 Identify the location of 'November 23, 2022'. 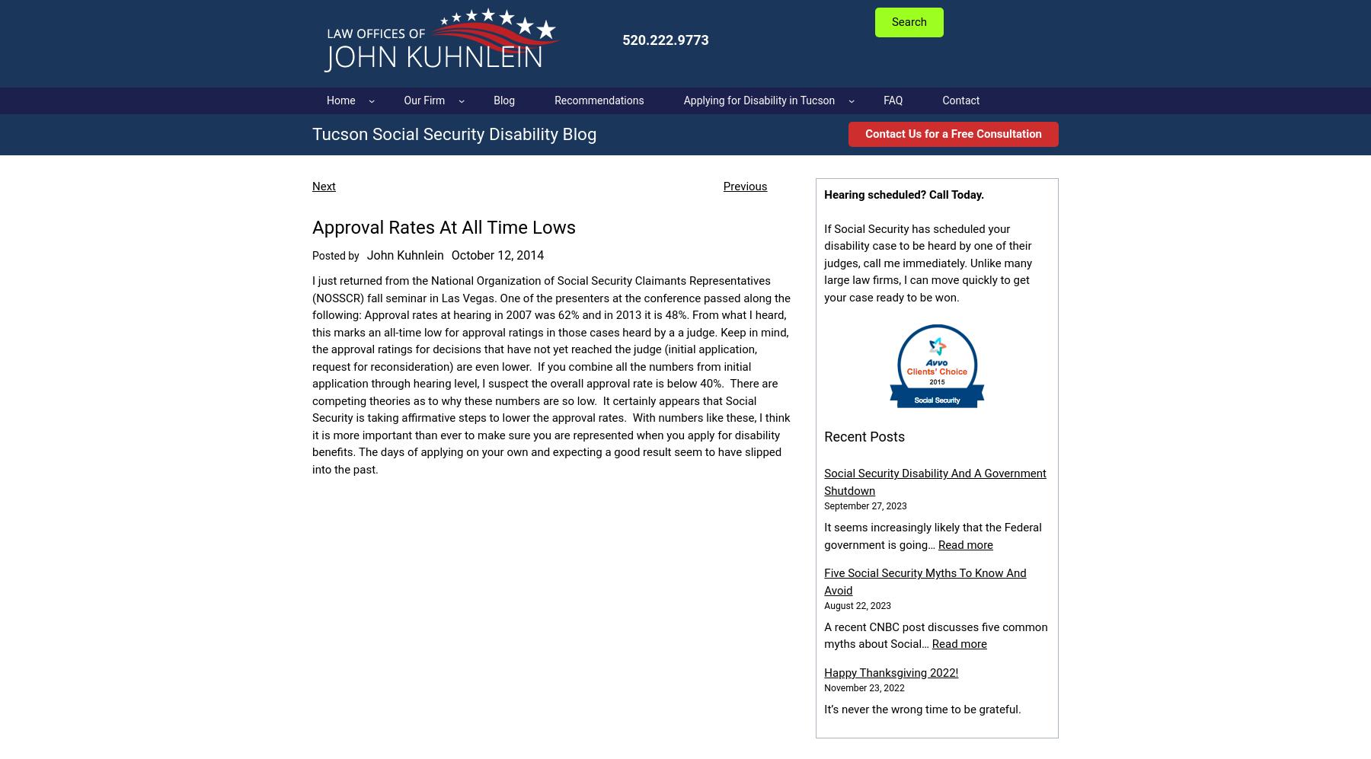
(863, 687).